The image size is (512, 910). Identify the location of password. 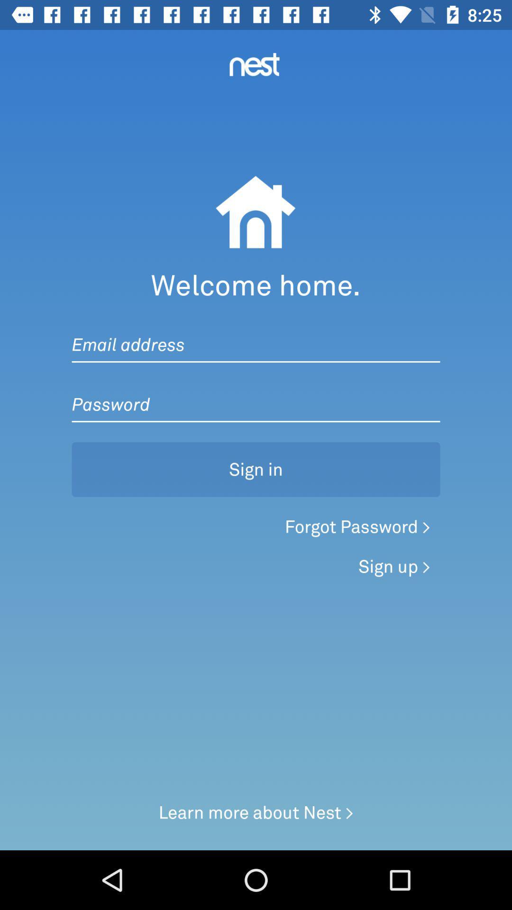
(256, 395).